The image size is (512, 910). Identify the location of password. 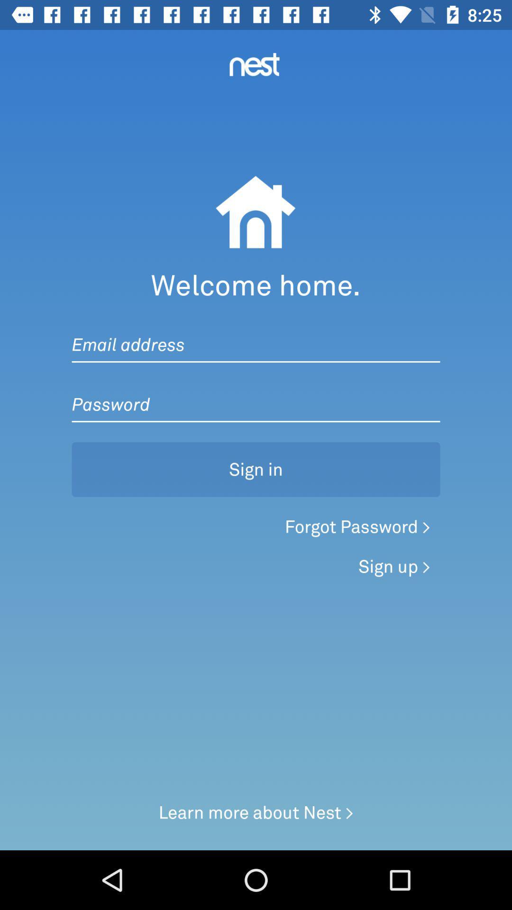
(256, 395).